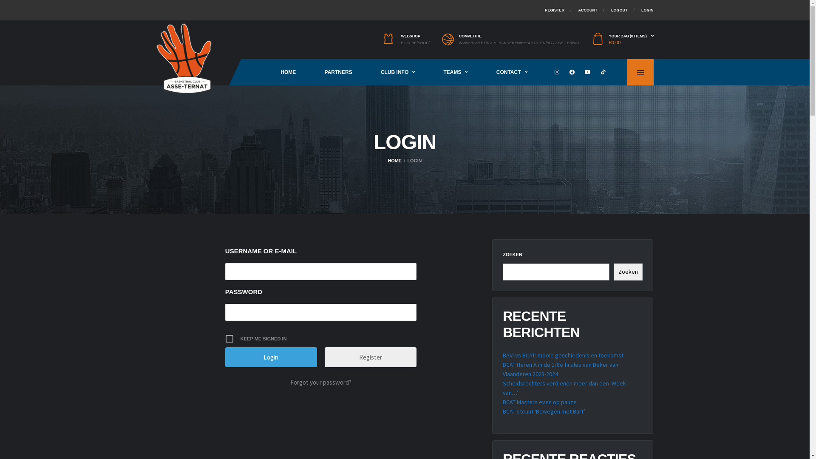 The height and width of the screenshot is (459, 816). What do you see at coordinates (320, 382) in the screenshot?
I see `'Forgot your password?'` at bounding box center [320, 382].